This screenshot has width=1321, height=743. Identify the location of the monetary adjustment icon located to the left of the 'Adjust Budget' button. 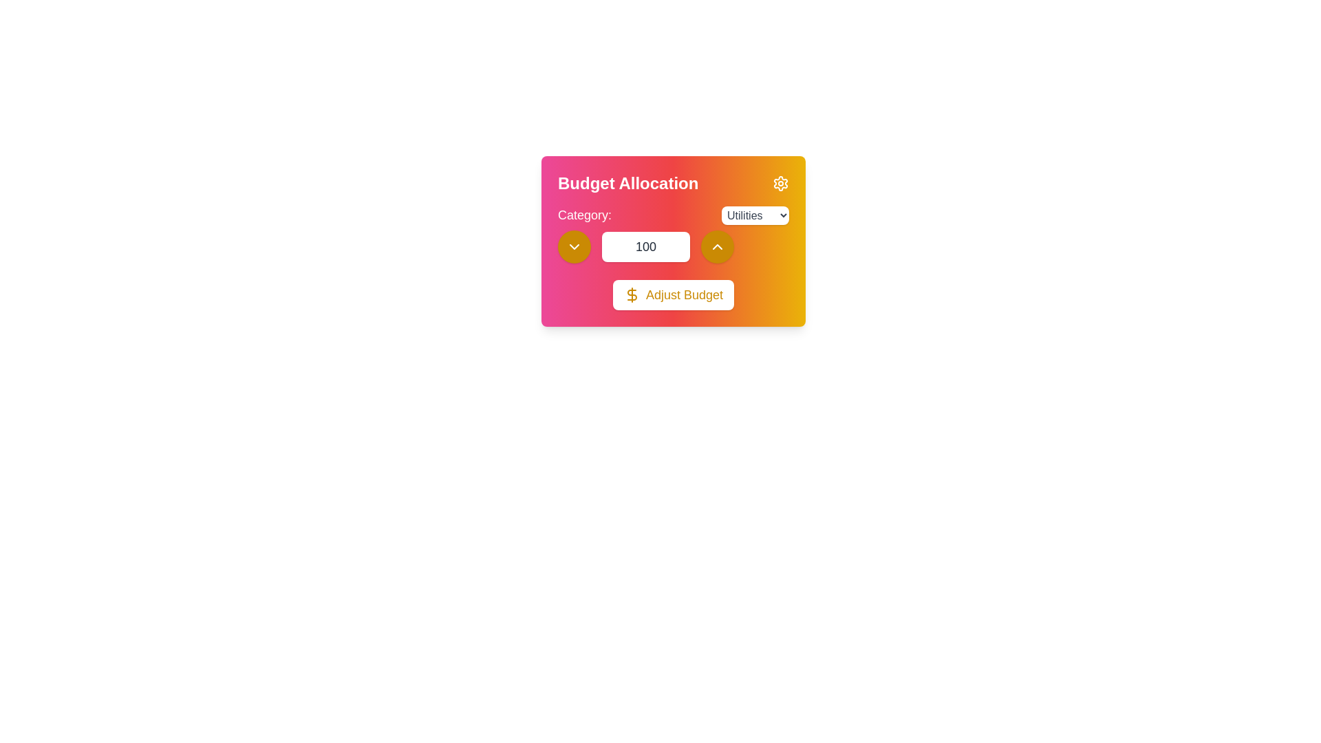
(631, 294).